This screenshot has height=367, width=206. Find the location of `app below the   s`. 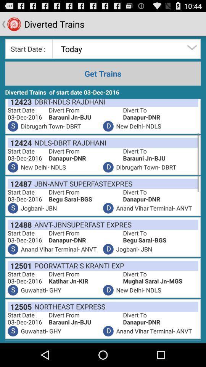

app below the   s is located at coordinates (19, 307).